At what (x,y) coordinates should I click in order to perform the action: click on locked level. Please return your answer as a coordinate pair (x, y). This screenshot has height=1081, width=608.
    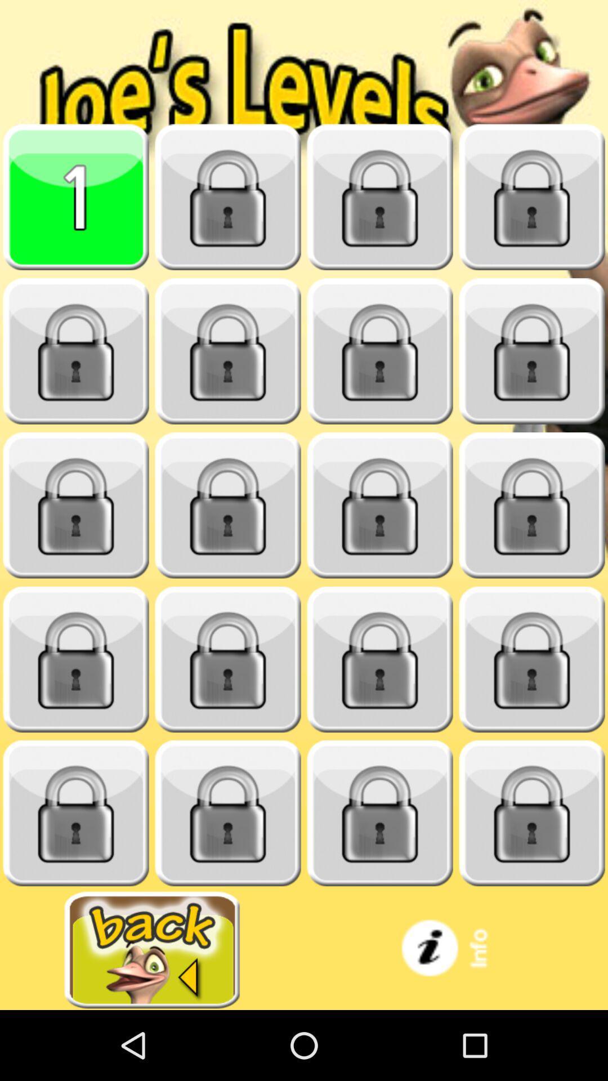
    Looking at the image, I should click on (532, 813).